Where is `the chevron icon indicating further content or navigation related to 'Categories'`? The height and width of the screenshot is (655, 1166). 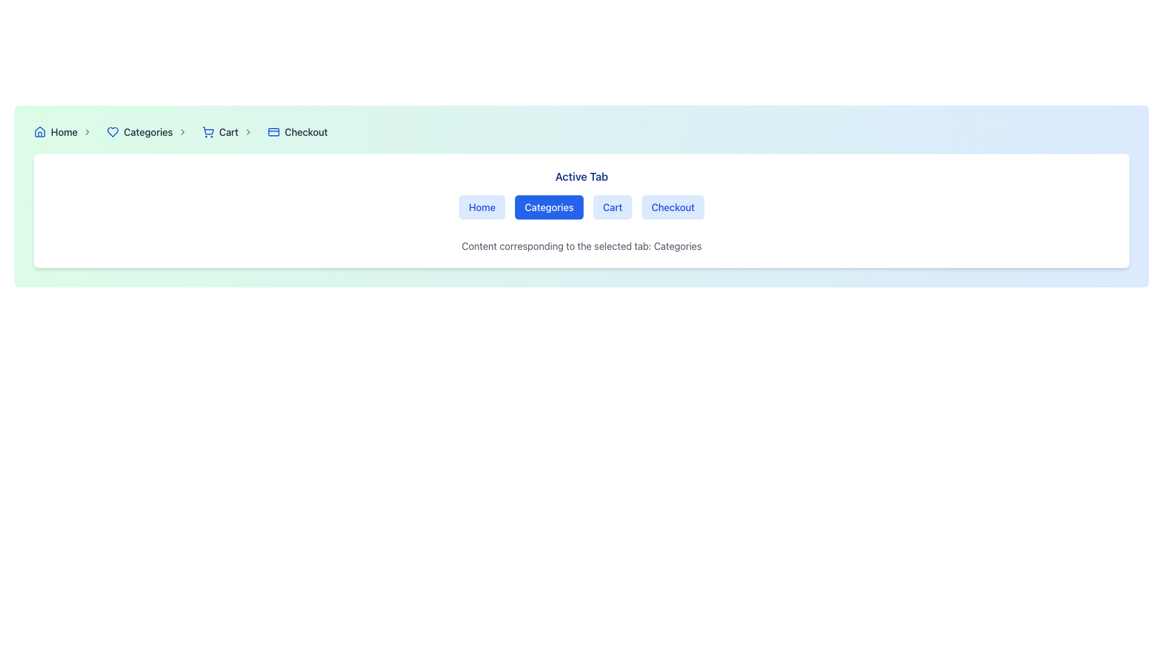 the chevron icon indicating further content or navigation related to 'Categories' is located at coordinates (182, 132).